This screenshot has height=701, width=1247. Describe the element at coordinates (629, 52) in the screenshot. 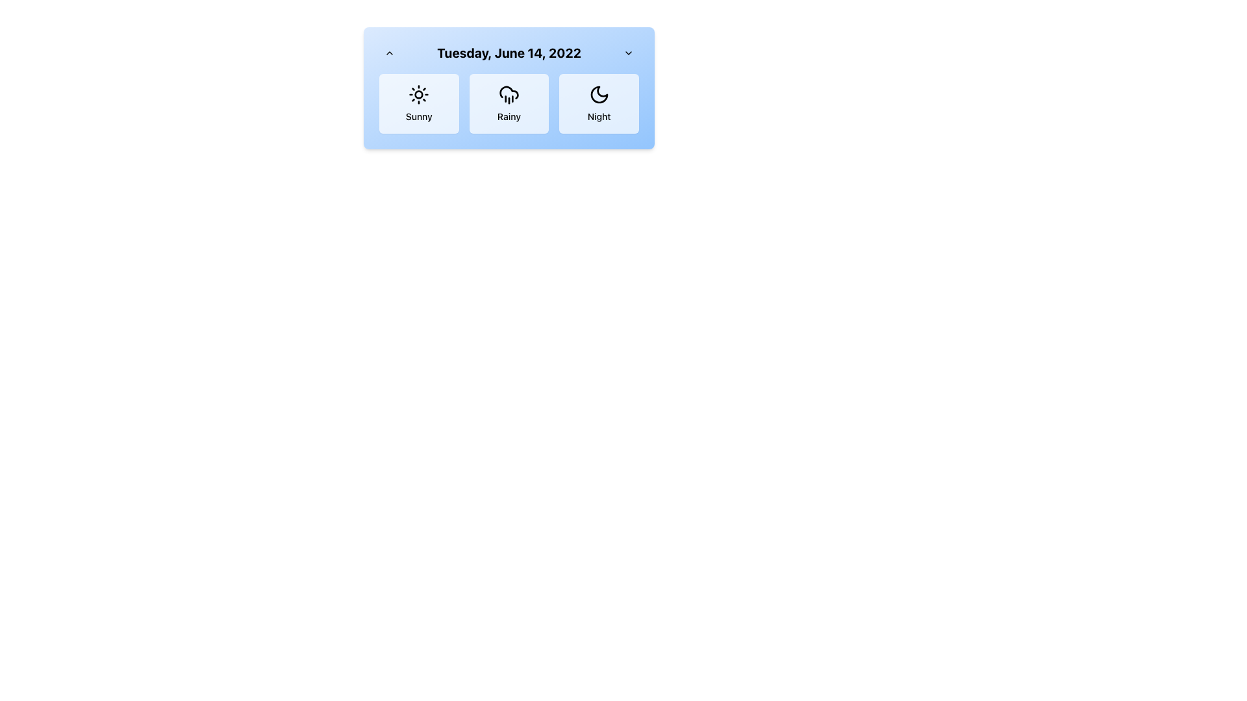

I see `the dropdown toggle button located at the far-right side of the header displaying 'Tuesday, June 14, 2022'` at that location.